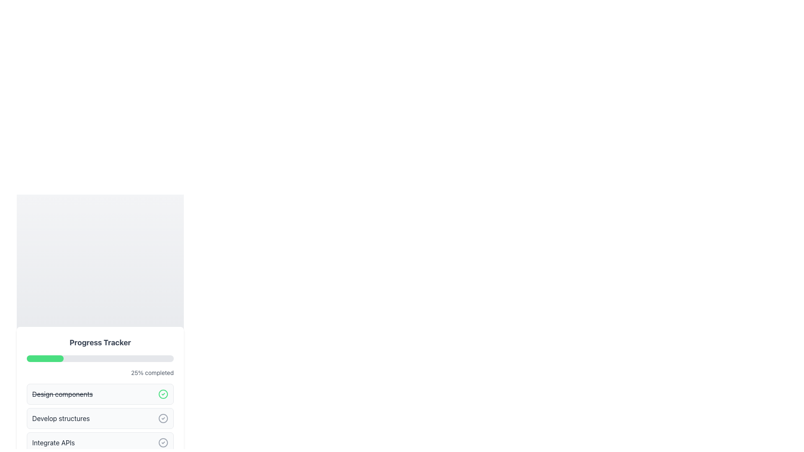  What do you see at coordinates (163, 394) in the screenshot?
I see `the completion indicator icon located to the right of the 'Design components' text in the progress tracker interface` at bounding box center [163, 394].